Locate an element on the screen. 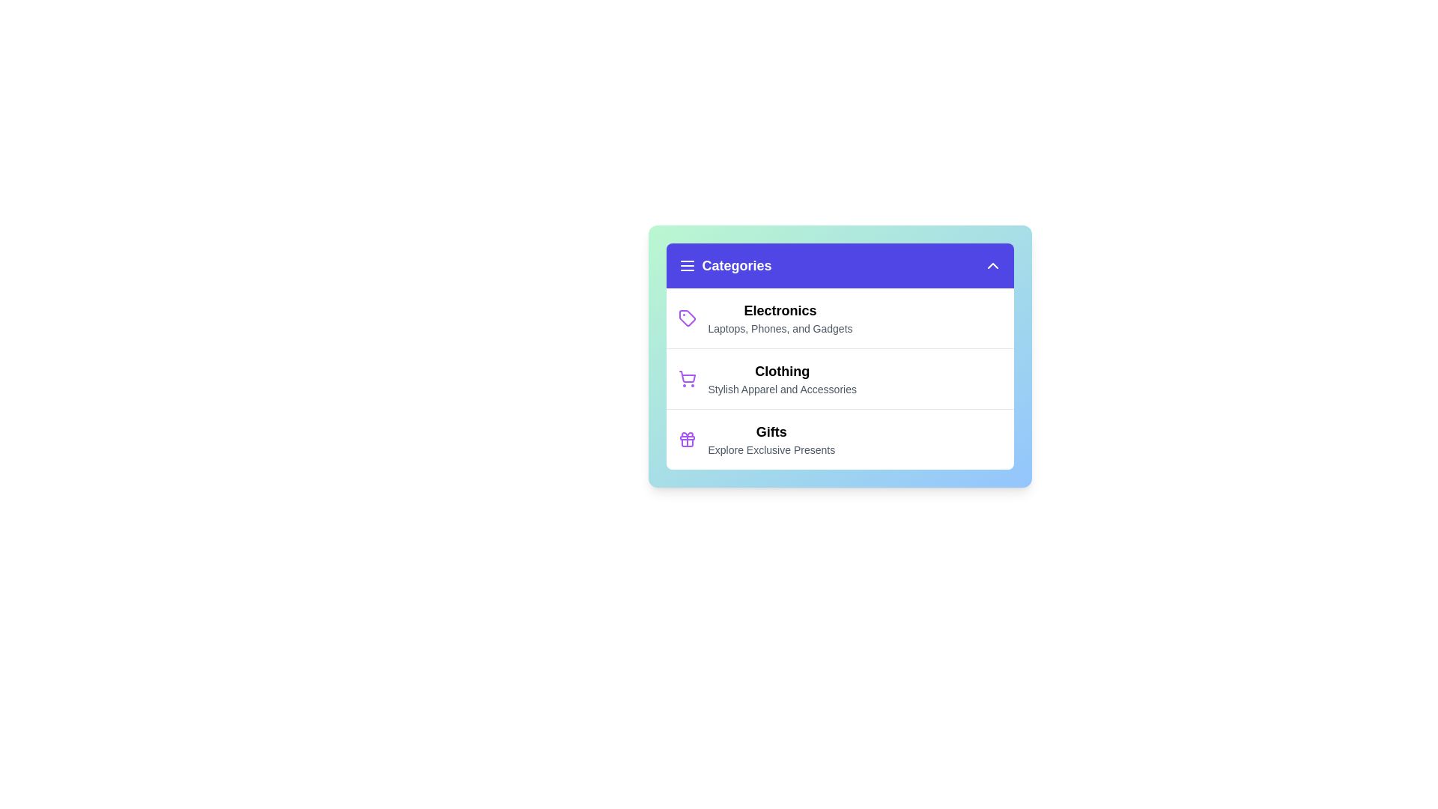 Image resolution: width=1438 pixels, height=809 pixels. the category Gifts by interacting with its title or description is located at coordinates (771, 432).